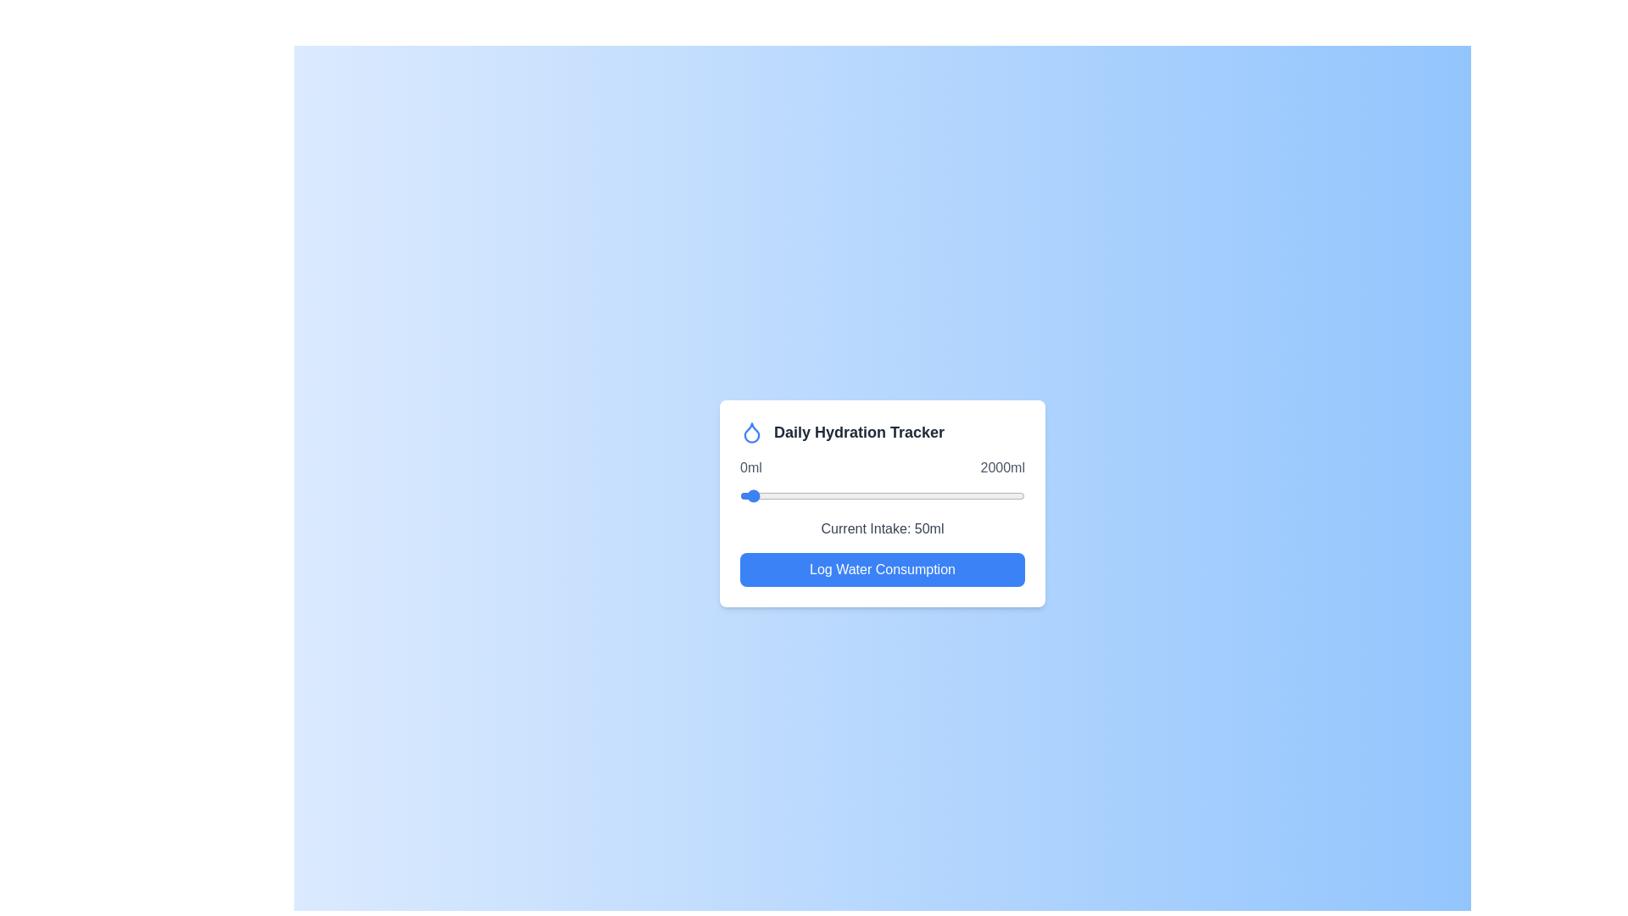  What do you see at coordinates (882, 528) in the screenshot?
I see `the text displaying the current water intake level` at bounding box center [882, 528].